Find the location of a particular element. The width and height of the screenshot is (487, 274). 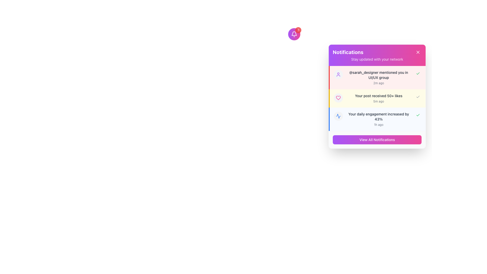

text label displaying 'Your daily engagement increased by 43%' located in the third notification entry of the notification panel is located at coordinates (378, 116).